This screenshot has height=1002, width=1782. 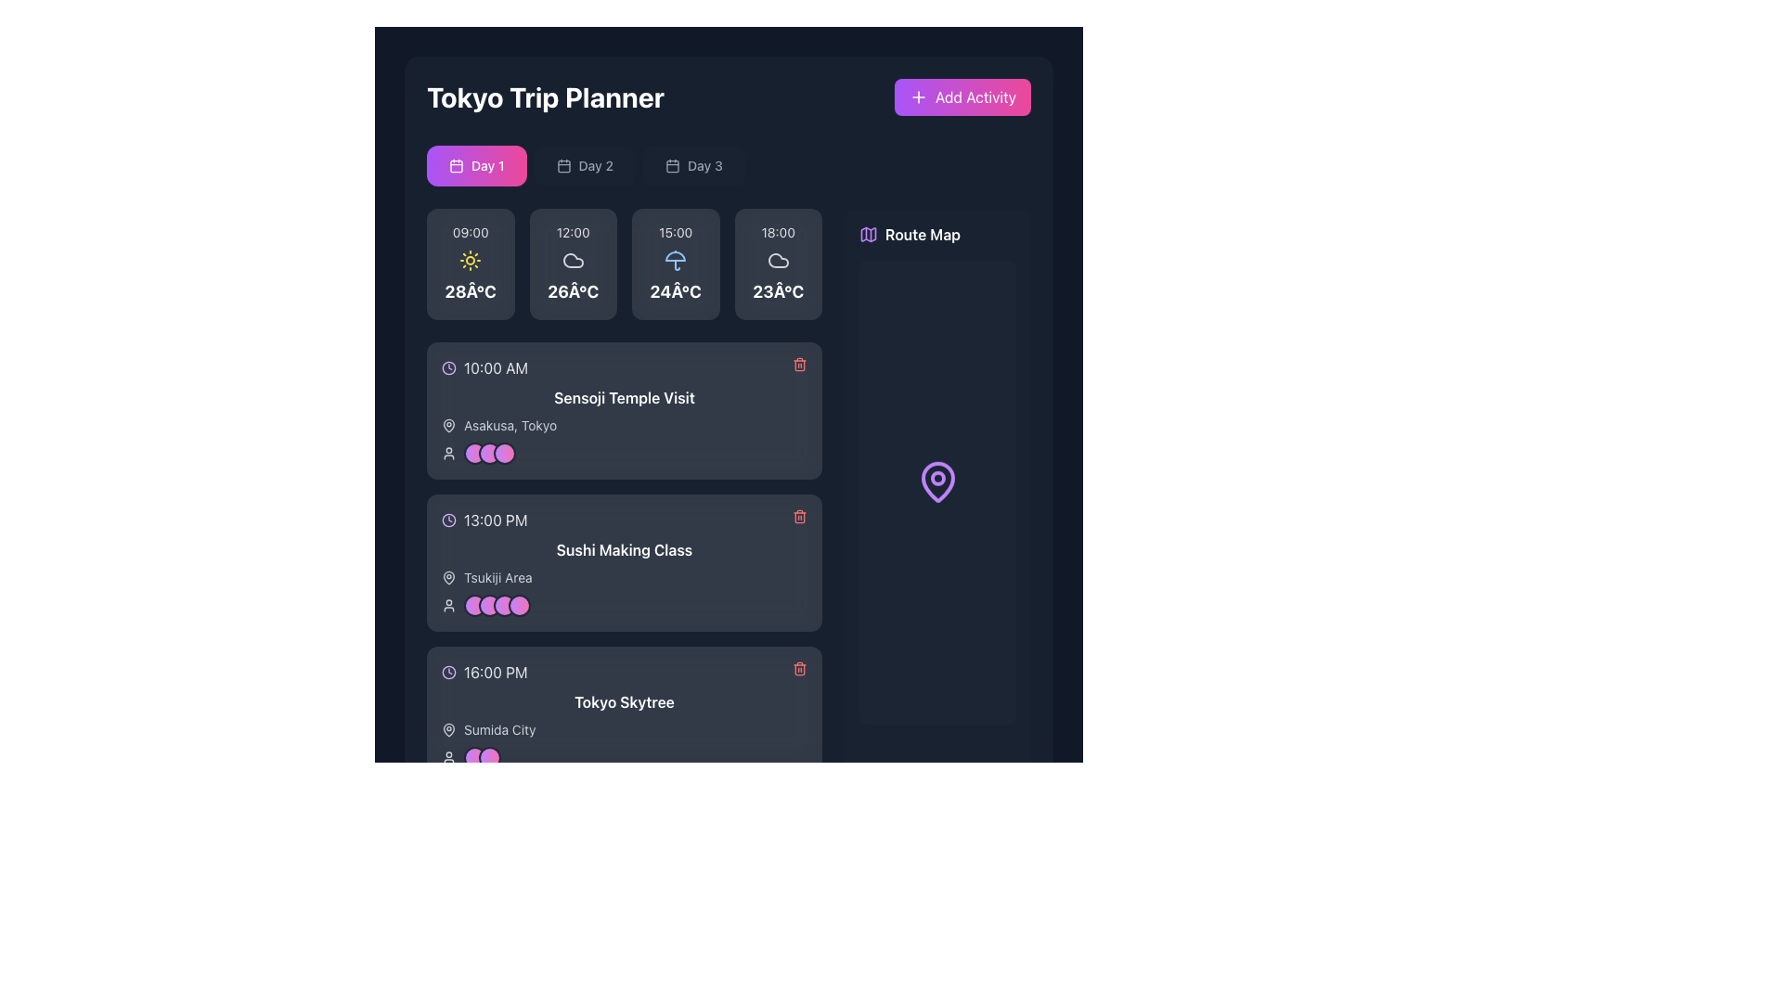 I want to click on the decorative calendar icon located to the left of the 'Day 1' button, which features a bold outline and minimalist design, so click(x=456, y=164).